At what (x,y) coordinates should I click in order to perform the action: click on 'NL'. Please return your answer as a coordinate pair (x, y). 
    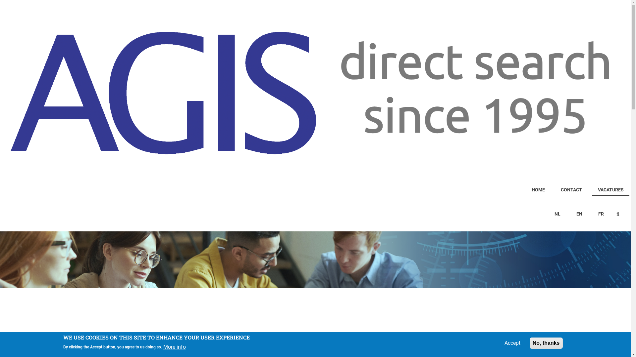
    Looking at the image, I should click on (549, 214).